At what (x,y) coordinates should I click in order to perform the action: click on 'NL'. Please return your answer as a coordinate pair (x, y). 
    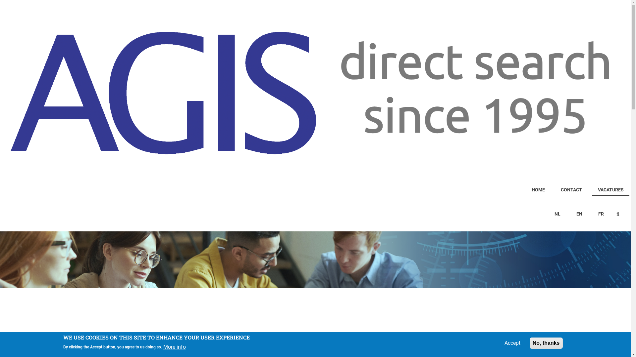
    Looking at the image, I should click on (549, 214).